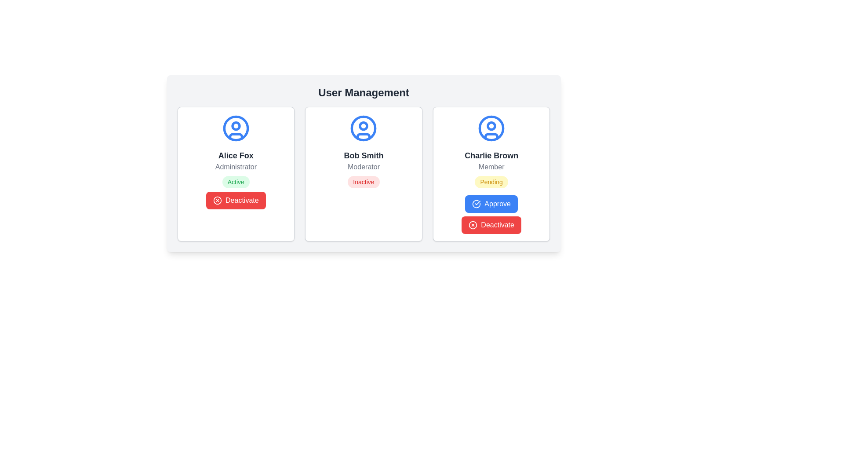 Image resolution: width=844 pixels, height=475 pixels. What do you see at coordinates (236, 167) in the screenshot?
I see `the text label displaying 'Administrator', which is positioned below 'Alice Fox' and above the 'Active' badge` at bounding box center [236, 167].